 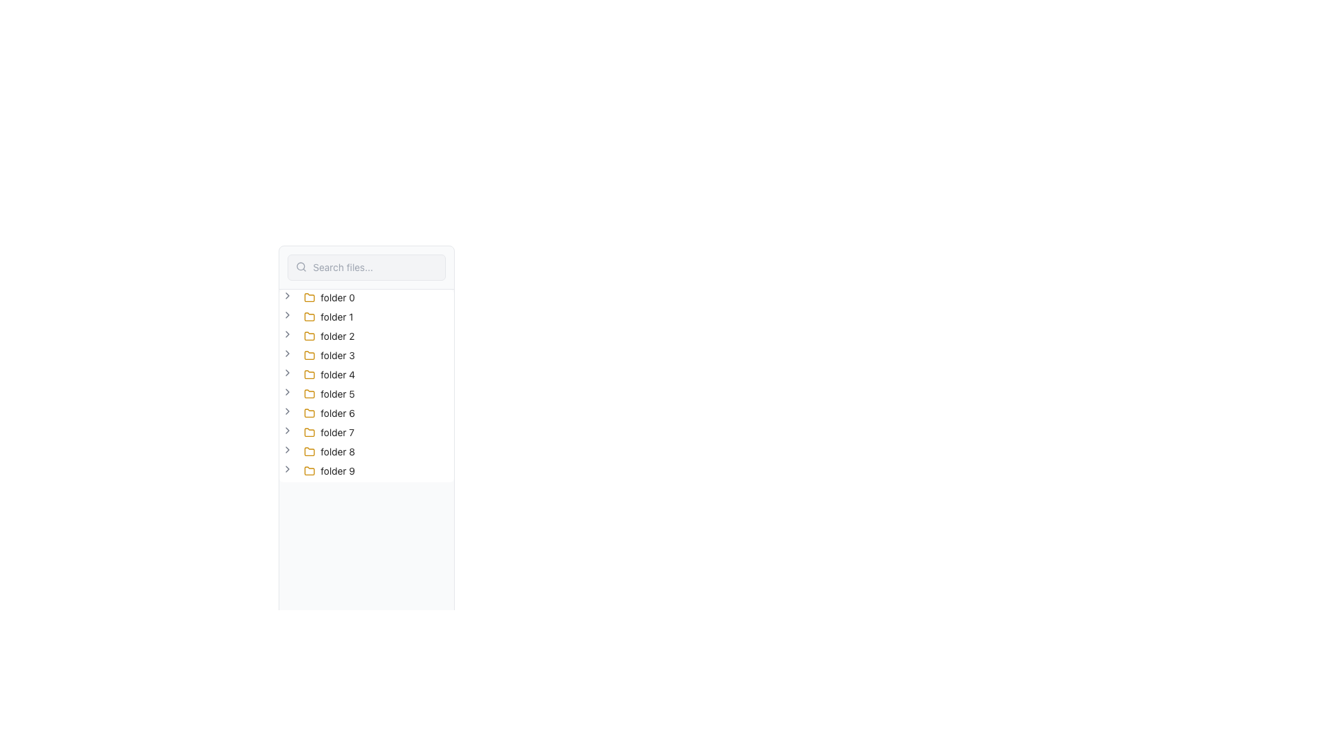 What do you see at coordinates (300, 267) in the screenshot?
I see `the search icon that visually signifies the search functionality, located at the left end of the search bar, to indicate its purpose before entering a query` at bounding box center [300, 267].